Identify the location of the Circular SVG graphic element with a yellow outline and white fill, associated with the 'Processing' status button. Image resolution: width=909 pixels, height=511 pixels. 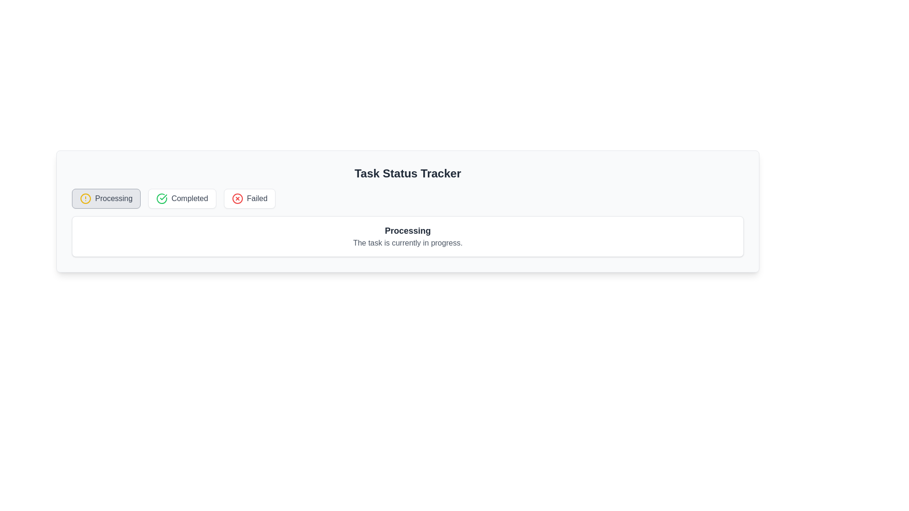
(86, 198).